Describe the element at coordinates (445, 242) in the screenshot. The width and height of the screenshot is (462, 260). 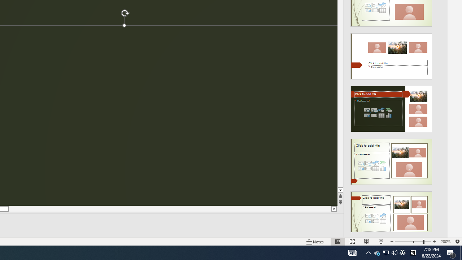
I see `'Zoom 280%'` at that location.